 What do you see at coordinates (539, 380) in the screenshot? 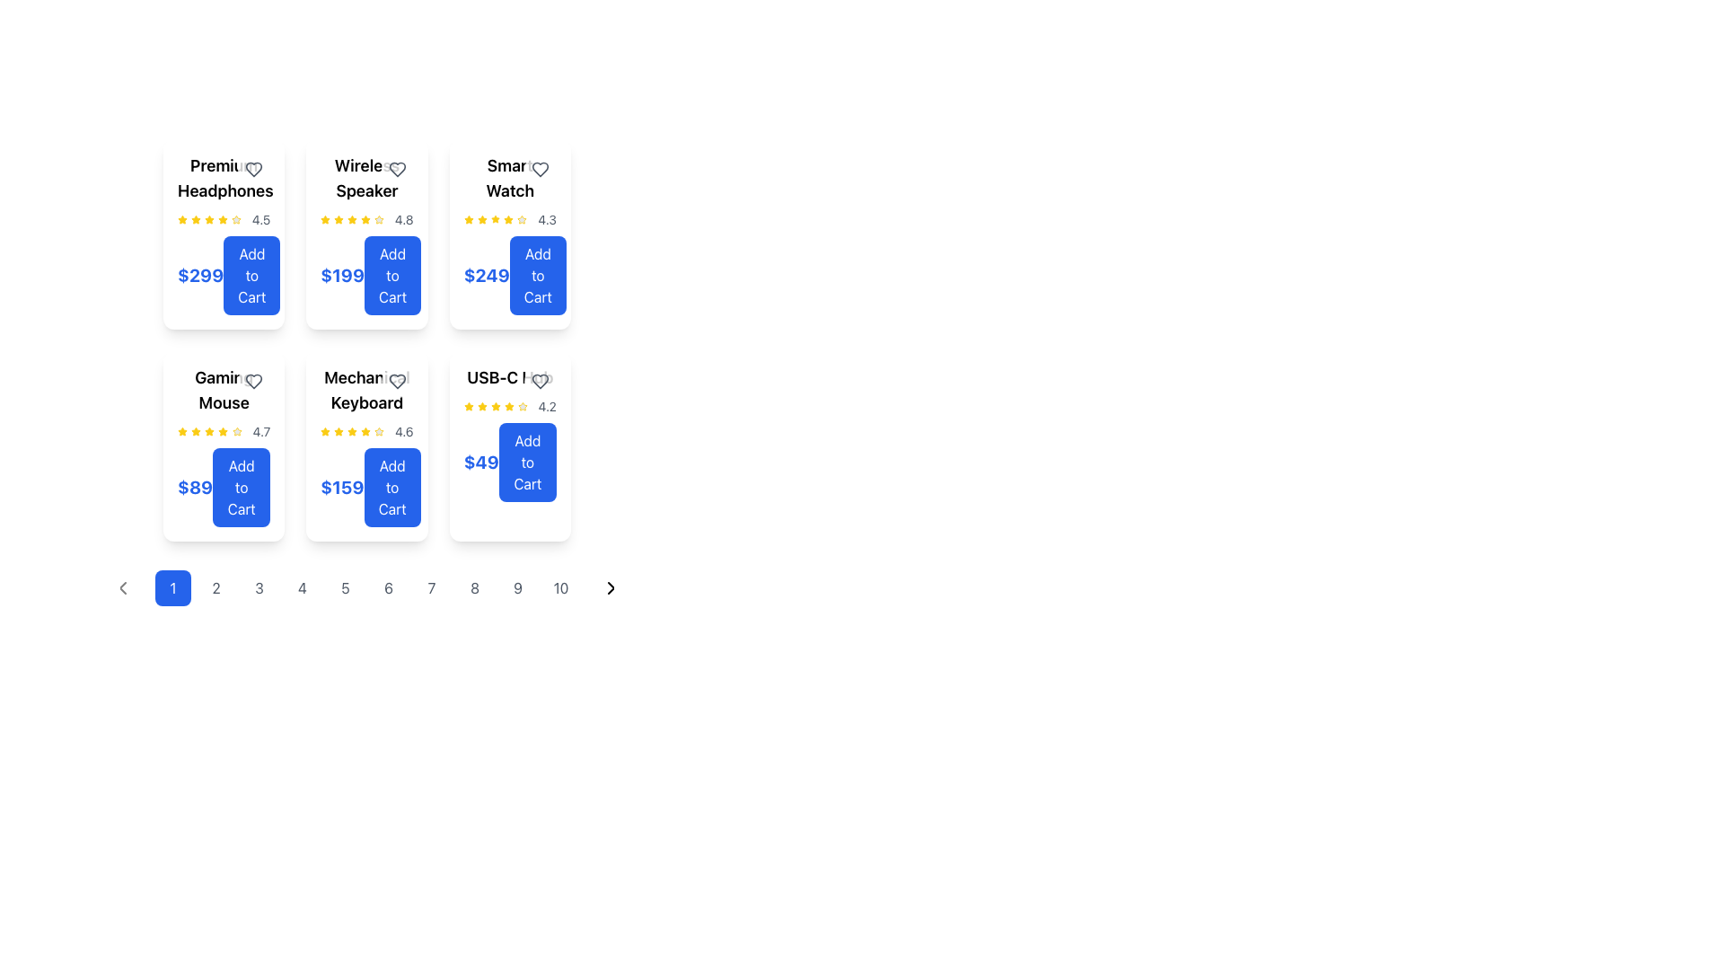
I see `the favorite or like icon located in the second row, third column of the 'USB-C Hub' product card` at bounding box center [539, 380].